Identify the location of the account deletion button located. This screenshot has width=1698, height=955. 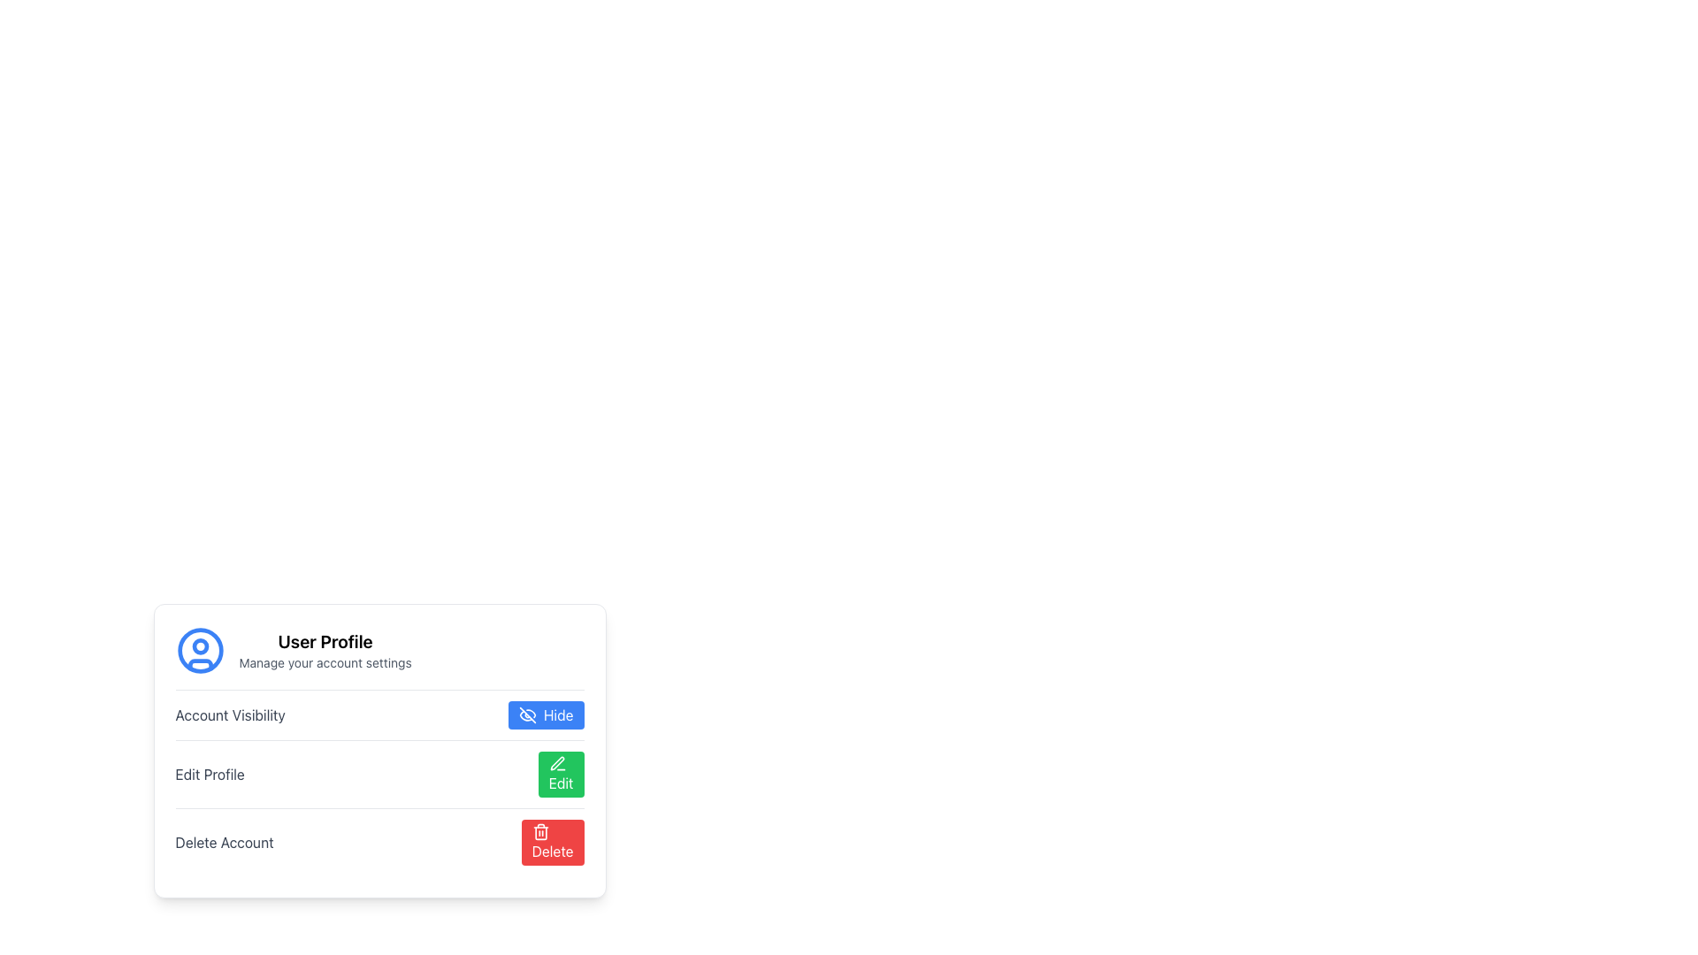
(379, 841).